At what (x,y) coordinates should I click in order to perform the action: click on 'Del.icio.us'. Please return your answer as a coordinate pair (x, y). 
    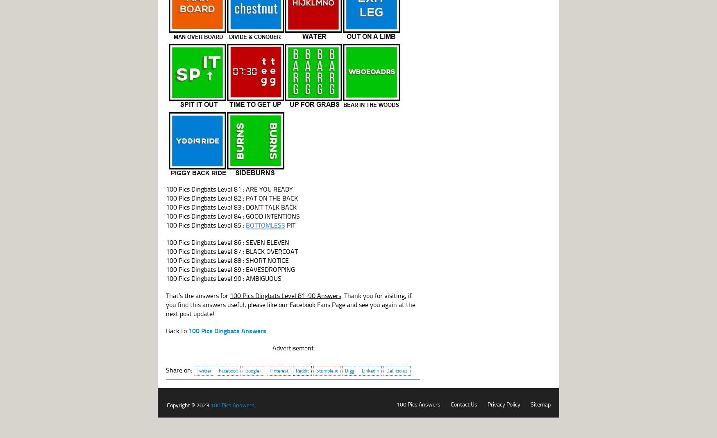
    Looking at the image, I should click on (397, 370).